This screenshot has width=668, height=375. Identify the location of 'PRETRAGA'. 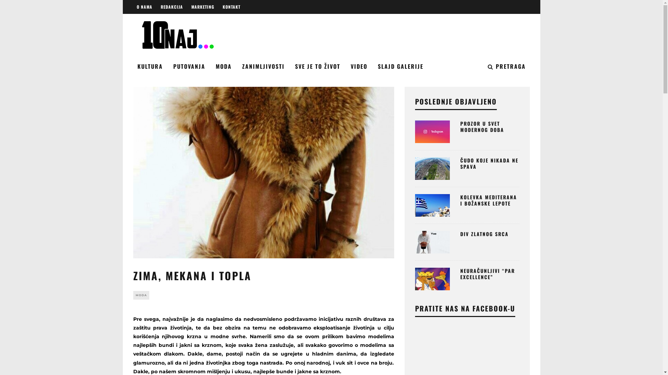
(483, 66).